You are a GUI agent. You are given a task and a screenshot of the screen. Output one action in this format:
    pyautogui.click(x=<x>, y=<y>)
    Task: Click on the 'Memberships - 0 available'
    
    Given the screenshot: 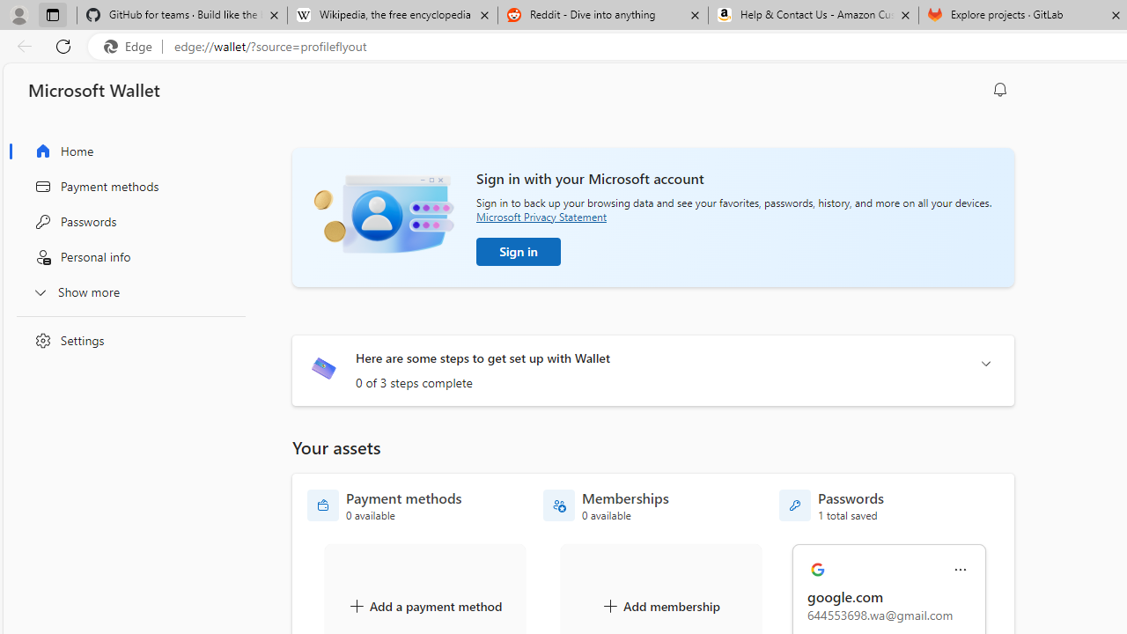 What is the action you would take?
    pyautogui.click(x=606, y=505)
    